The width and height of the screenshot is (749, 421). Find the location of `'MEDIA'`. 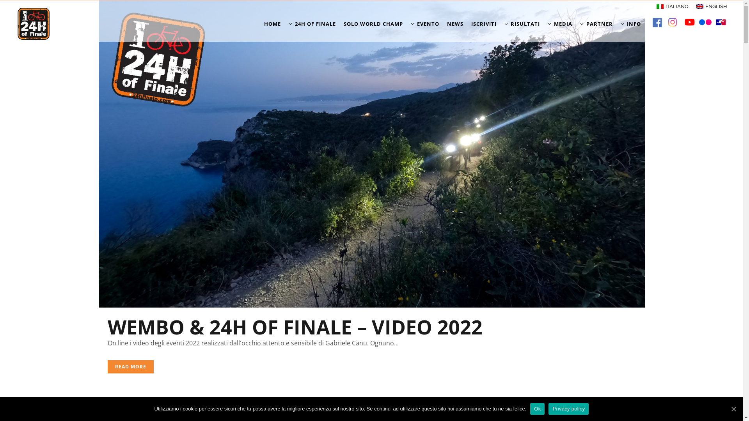

'MEDIA' is located at coordinates (559, 23).